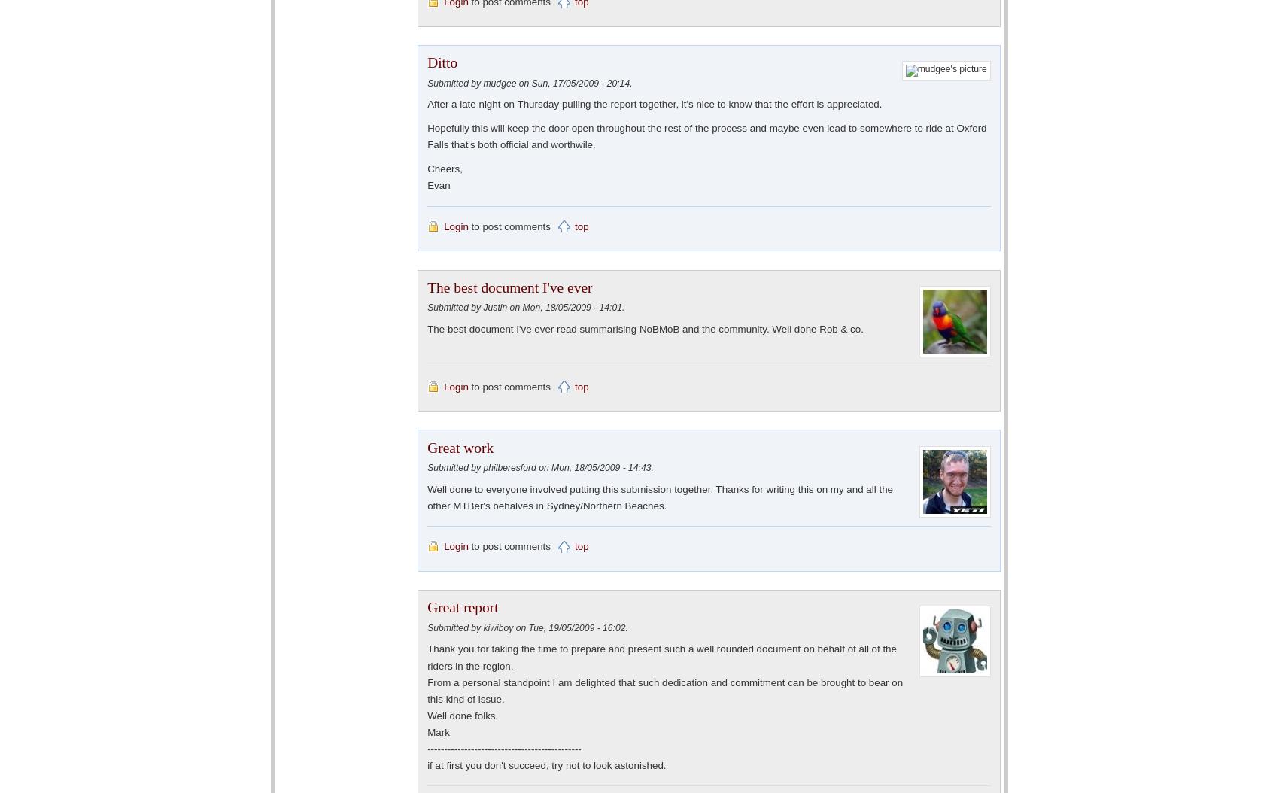 This screenshot has height=793, width=1279. Describe the element at coordinates (546, 764) in the screenshot. I see `'if at first you don't succeed, try not to look astonished.'` at that location.